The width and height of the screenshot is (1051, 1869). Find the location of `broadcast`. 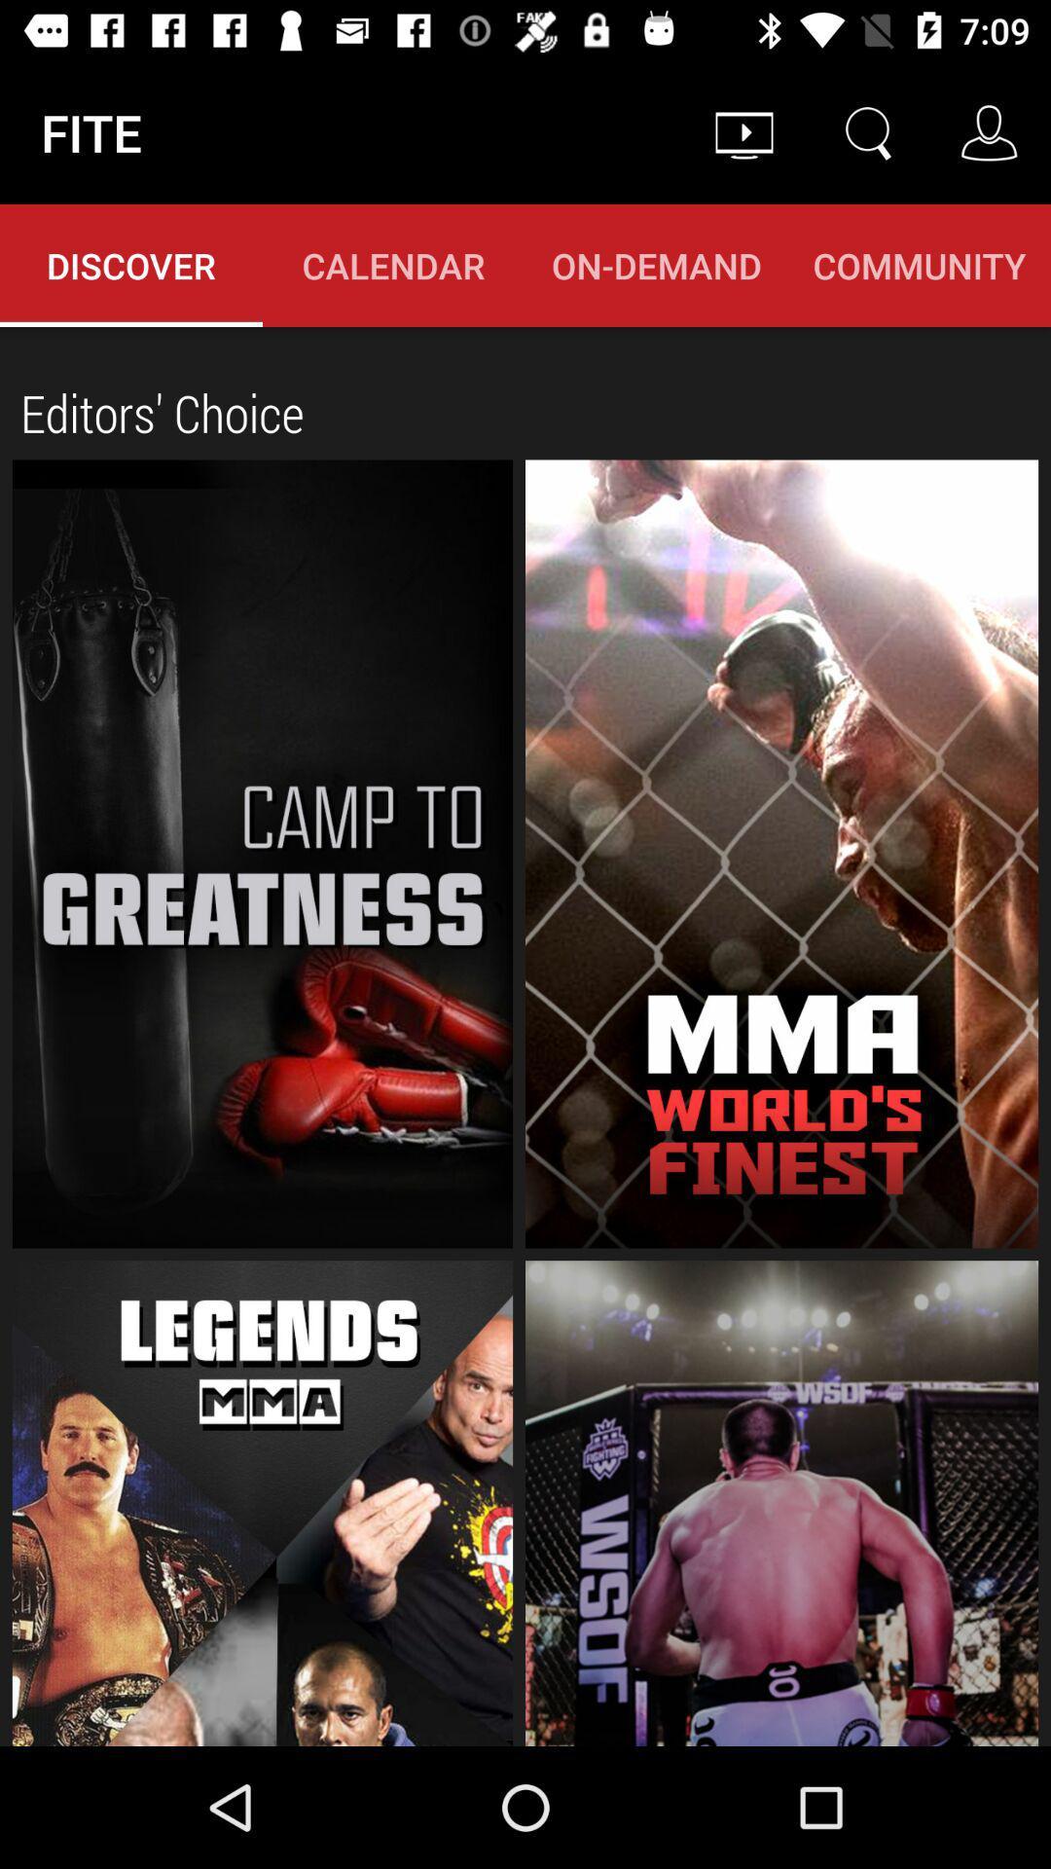

broadcast is located at coordinates (780, 854).